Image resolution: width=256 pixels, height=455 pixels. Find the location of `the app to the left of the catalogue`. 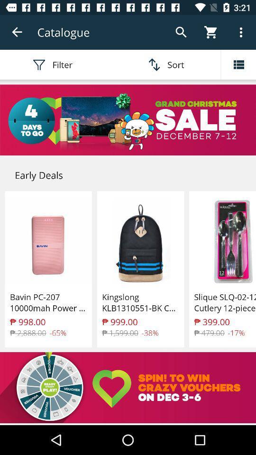

the app to the left of the catalogue is located at coordinates (17, 32).